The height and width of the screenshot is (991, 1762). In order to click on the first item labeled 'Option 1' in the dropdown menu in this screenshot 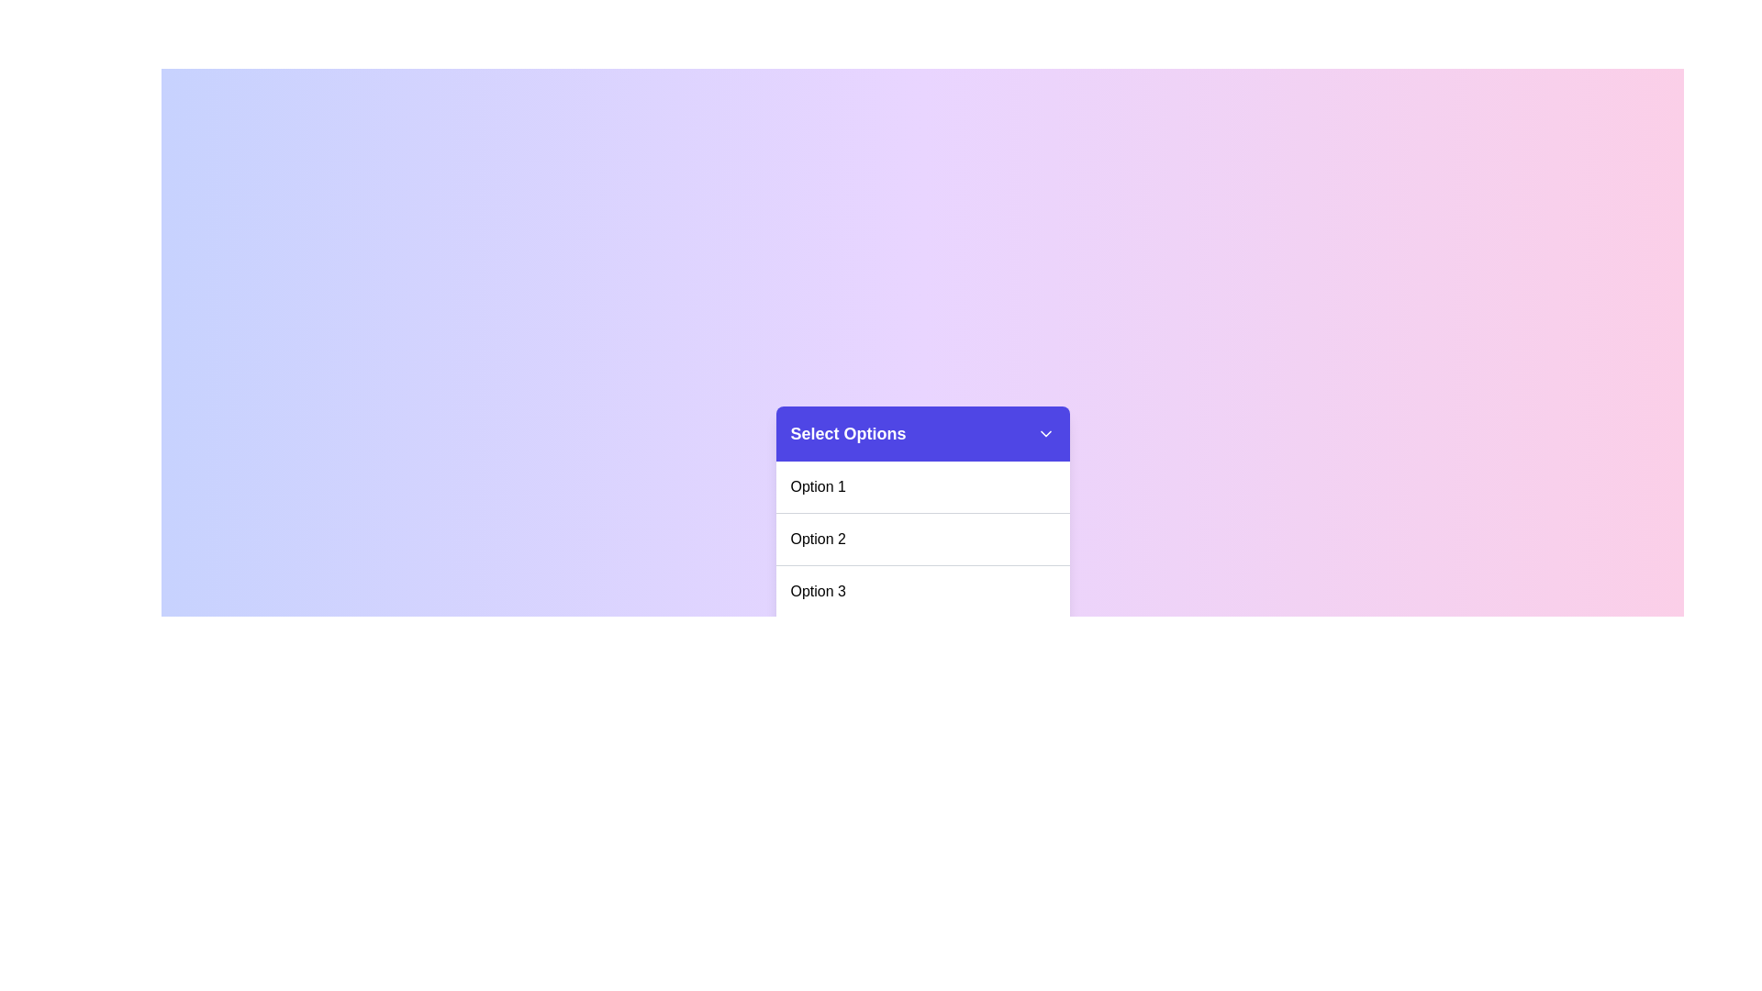, I will do `click(922, 486)`.